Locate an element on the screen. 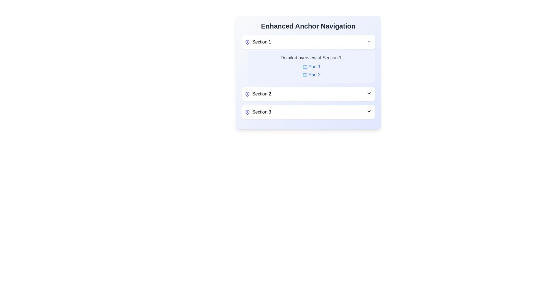 Image resolution: width=543 pixels, height=305 pixels. the icon that visually indicates navigation related functionality, located next to the text label 'Section 2' in the second section of the navigation interface is located at coordinates (247, 93).